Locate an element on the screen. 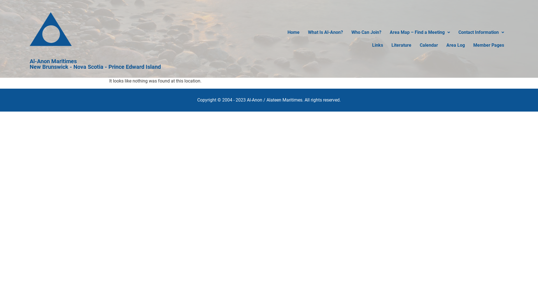  'Contact Information' is located at coordinates (481, 32).